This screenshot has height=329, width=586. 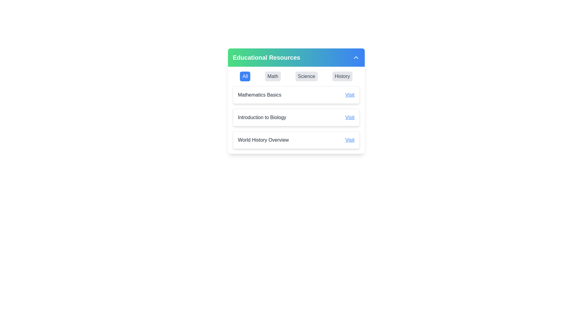 I want to click on the header panel styled with a gradient background that contains the text 'Educational Resources' in bold white font and an interactive icon aligned to the right, so click(x=296, y=58).